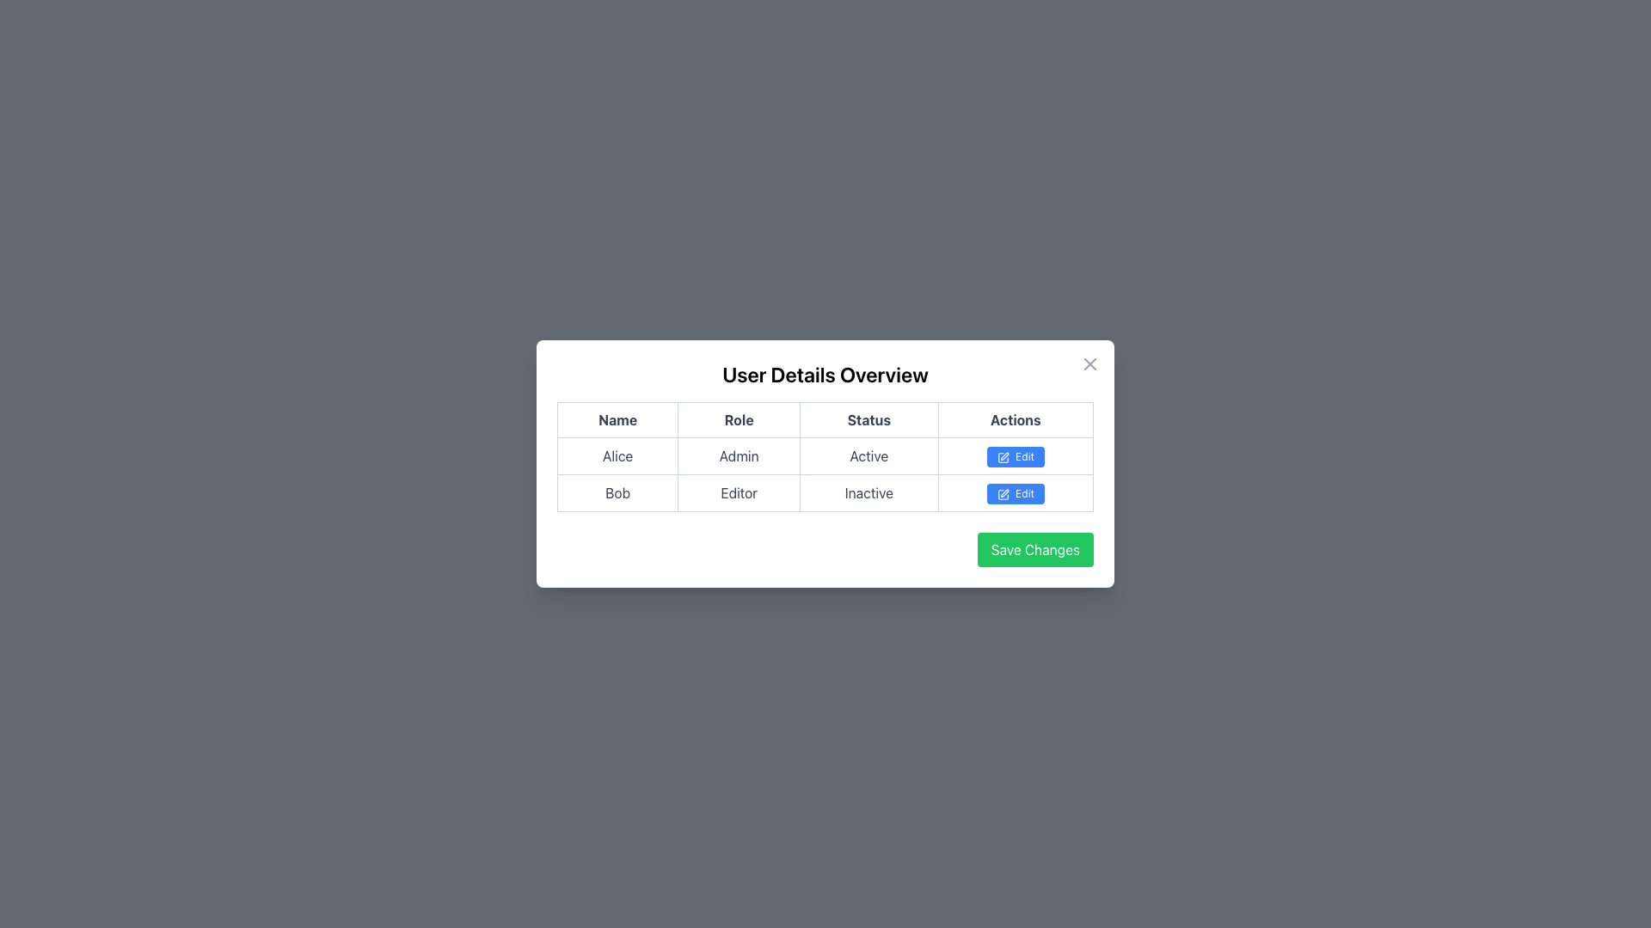 The width and height of the screenshot is (1651, 928). What do you see at coordinates (739, 455) in the screenshot?
I see `the Text Label indicating the user's role as 'Admin', located in the second cell of the 'Role' column adjacent to 'Alice' and 'Active'` at bounding box center [739, 455].